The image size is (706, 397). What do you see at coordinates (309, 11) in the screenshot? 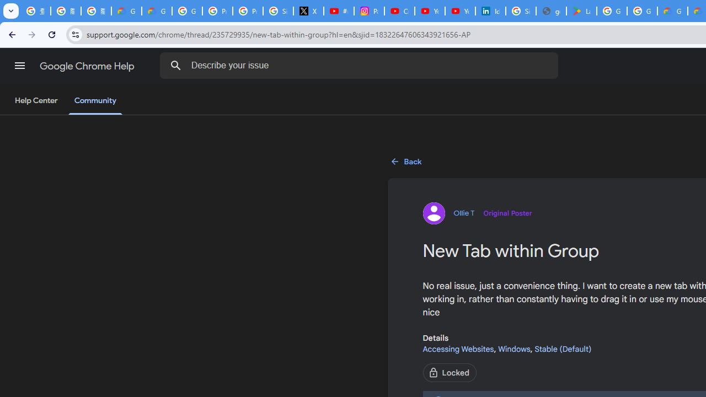
I see `'X'` at bounding box center [309, 11].